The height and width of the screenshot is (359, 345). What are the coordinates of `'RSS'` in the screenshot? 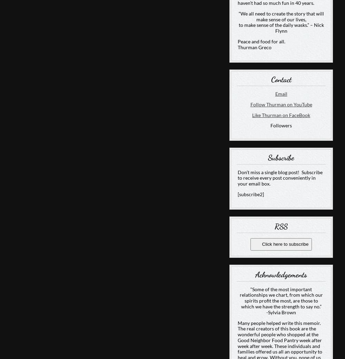 It's located at (275, 225).